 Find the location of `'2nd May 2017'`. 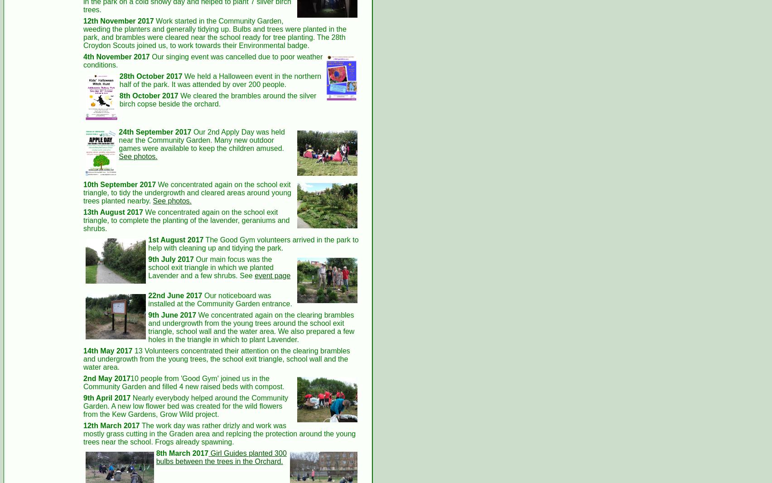

'2nd May 2017' is located at coordinates (106, 378).